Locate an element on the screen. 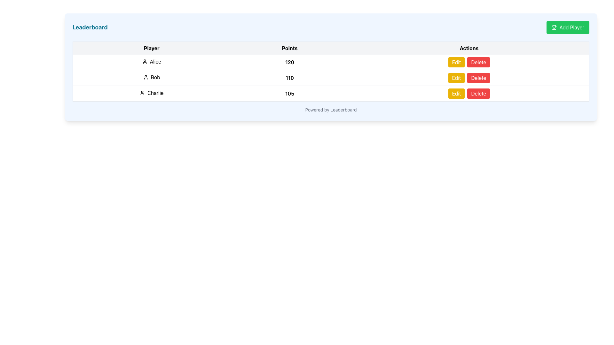  the rectangular yellow 'Edit' button with white text centered on it, located in the first row under the 'Actions' column of the table layout is located at coordinates (456, 62).